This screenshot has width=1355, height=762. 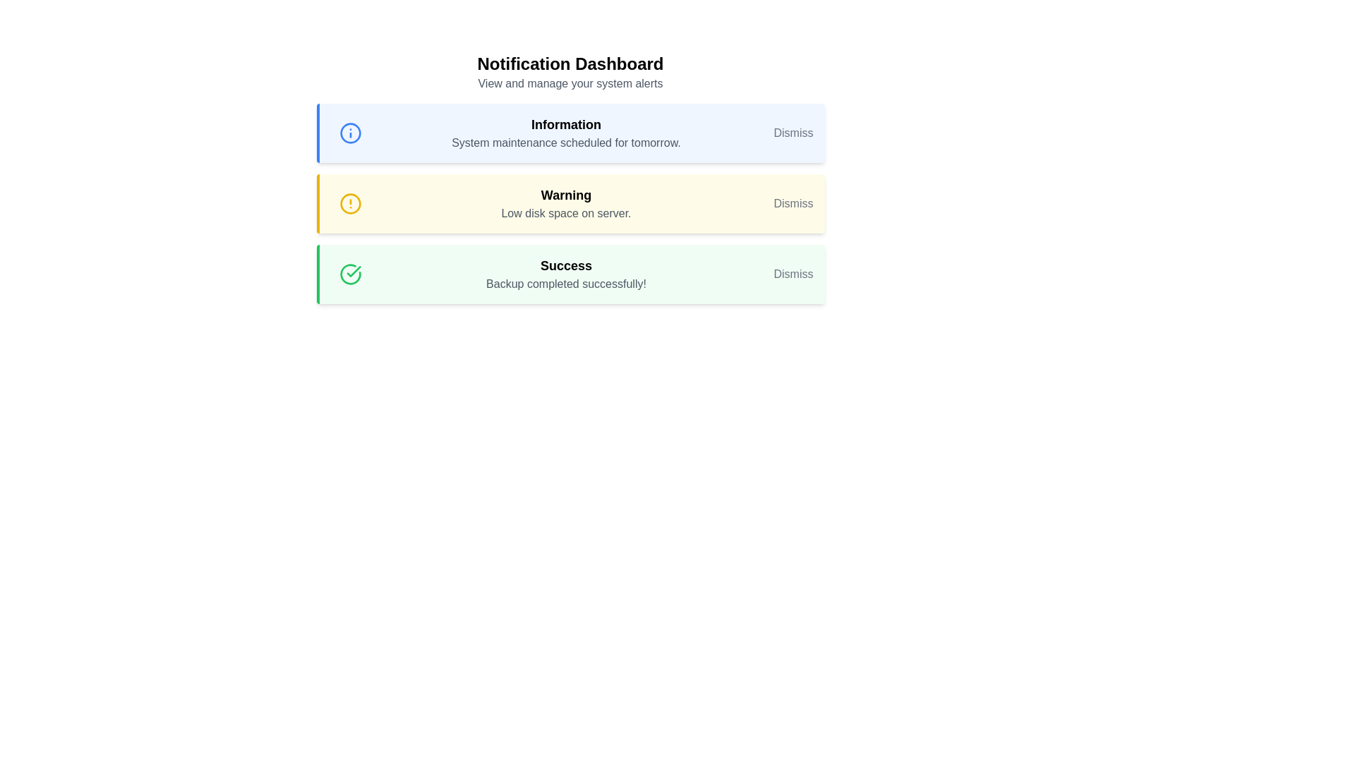 I want to click on header text of the warning notification located at the top of the second notification card, which indicates a warning about low disk space on the server, so click(x=566, y=195).